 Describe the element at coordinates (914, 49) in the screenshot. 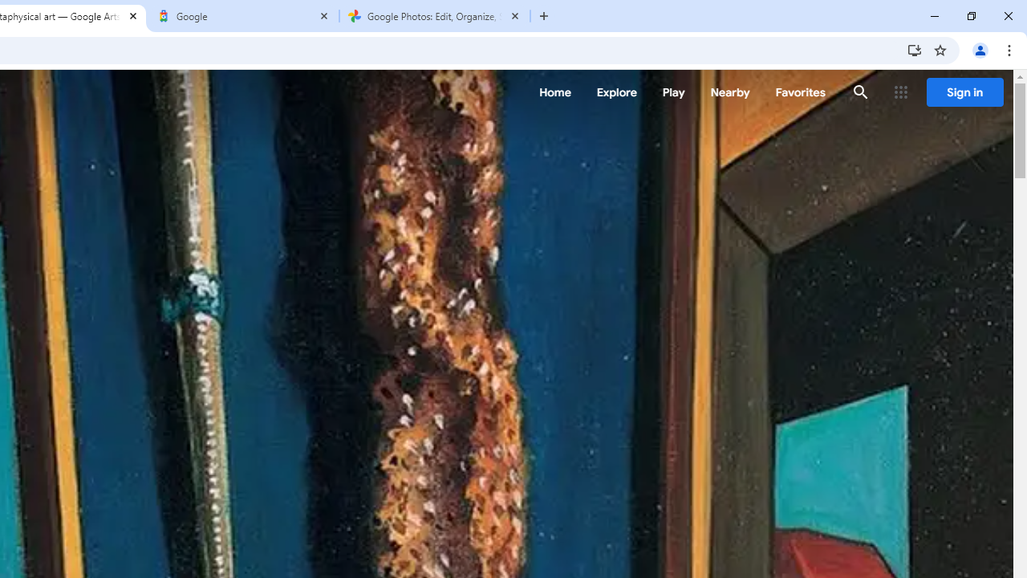

I see `'Install Google Arts & Culture'` at that location.